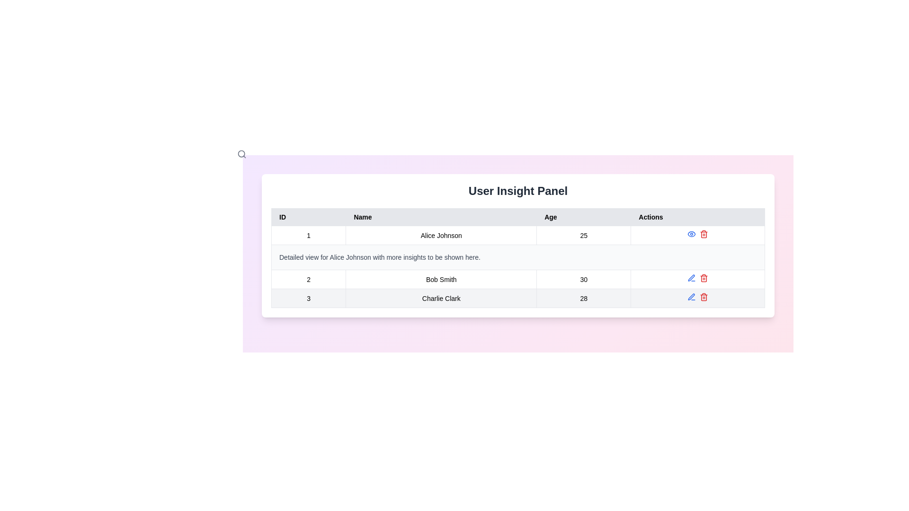 The image size is (909, 511). What do you see at coordinates (691, 234) in the screenshot?
I see `the leftmost Icon Button in the 'Actions' column for the row corresponding to Alice Johnson` at bounding box center [691, 234].